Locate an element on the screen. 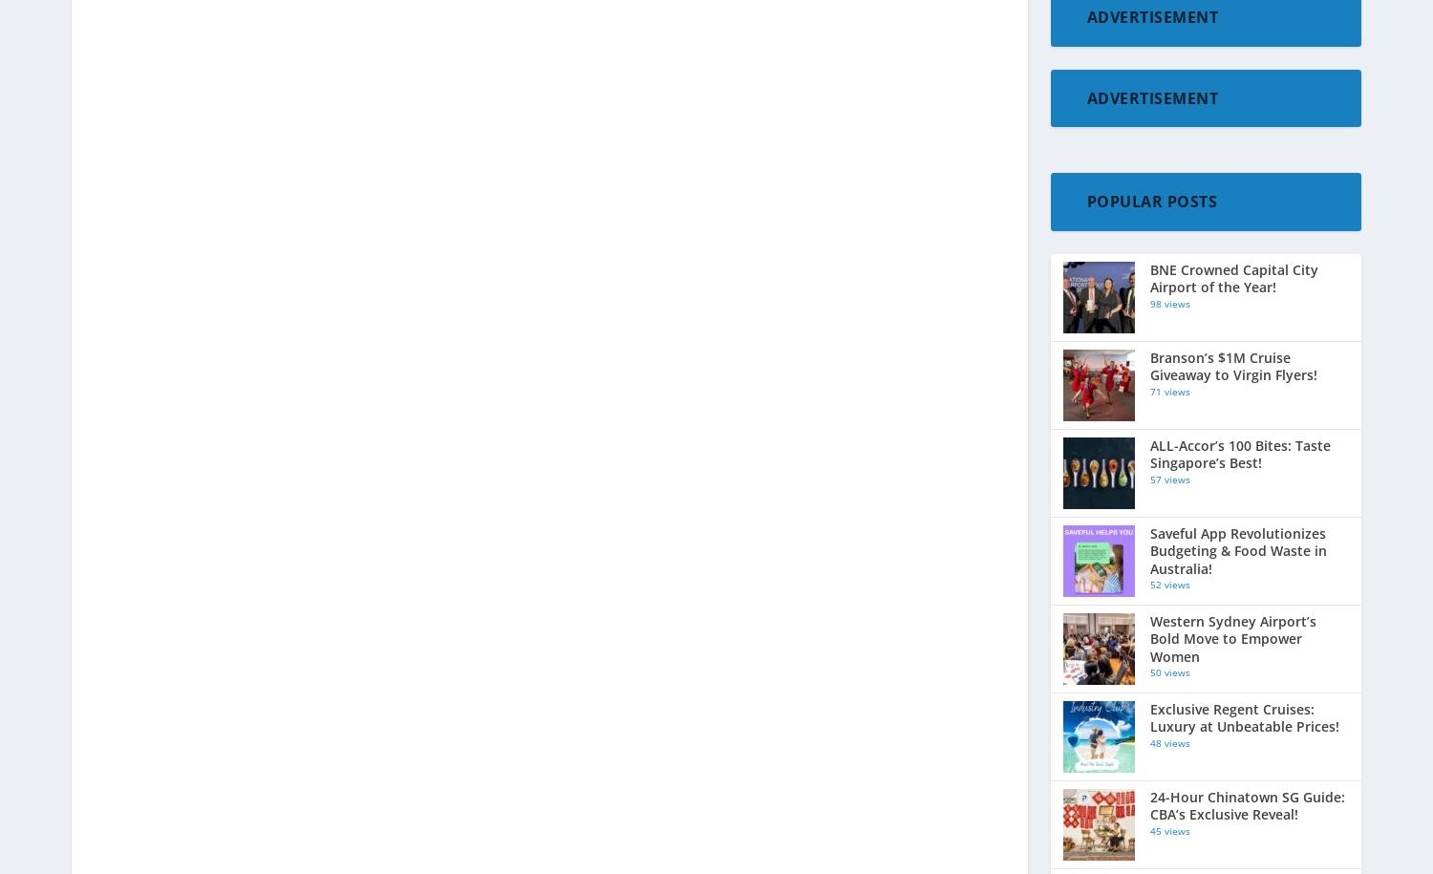 Image resolution: width=1433 pixels, height=874 pixels. 'New York' is located at coordinates (1093, 839).